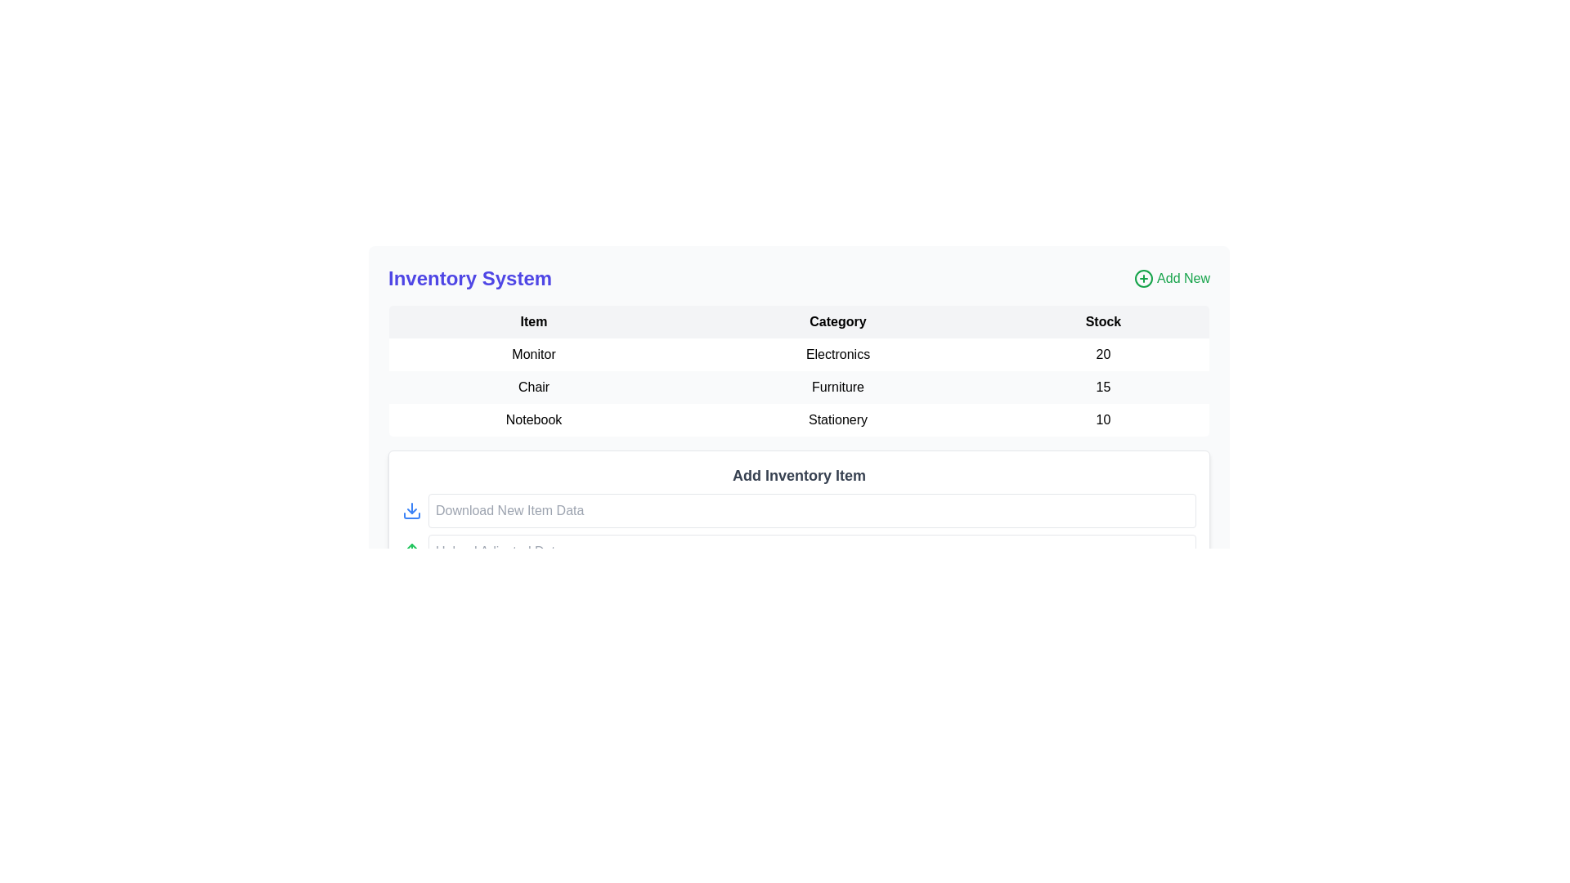 The width and height of the screenshot is (1570, 883). Describe the element at coordinates (1103, 354) in the screenshot. I see `the text label displaying the stock quantity of the inventory item in the third column of the row that begins with 'Monitor' in the table` at that location.